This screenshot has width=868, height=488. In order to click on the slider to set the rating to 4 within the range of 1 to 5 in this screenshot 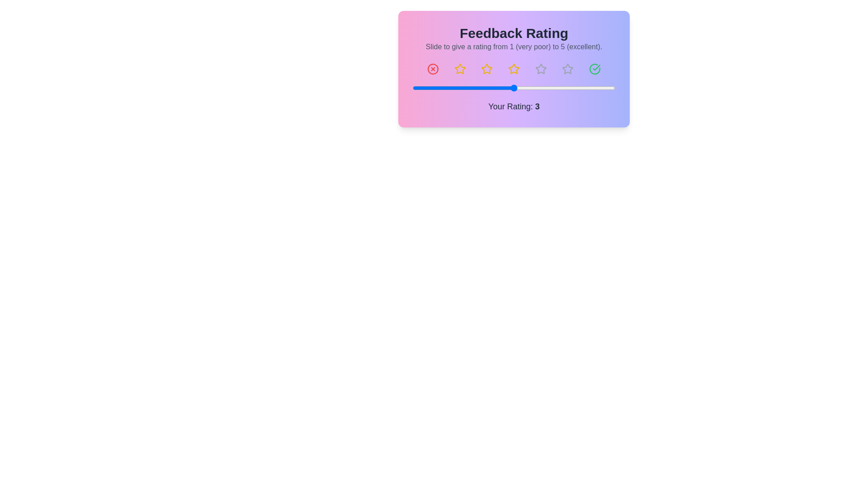, I will do `click(564, 88)`.